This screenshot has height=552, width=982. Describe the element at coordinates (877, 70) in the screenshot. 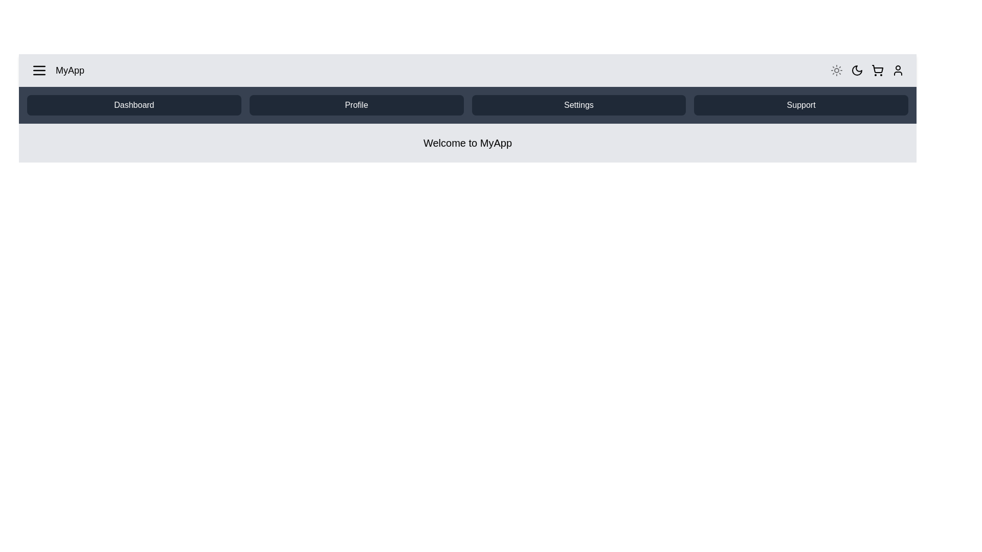

I see `the shopping cart icon in the app bar` at that location.